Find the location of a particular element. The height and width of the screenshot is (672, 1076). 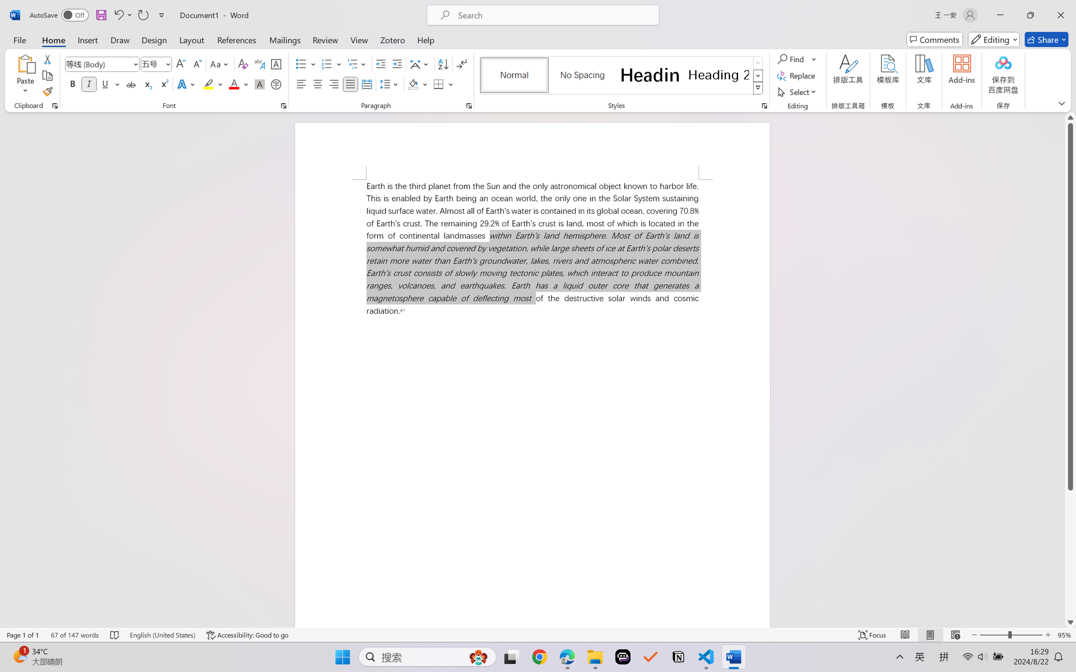

'Heading 2' is located at coordinates (719, 75).